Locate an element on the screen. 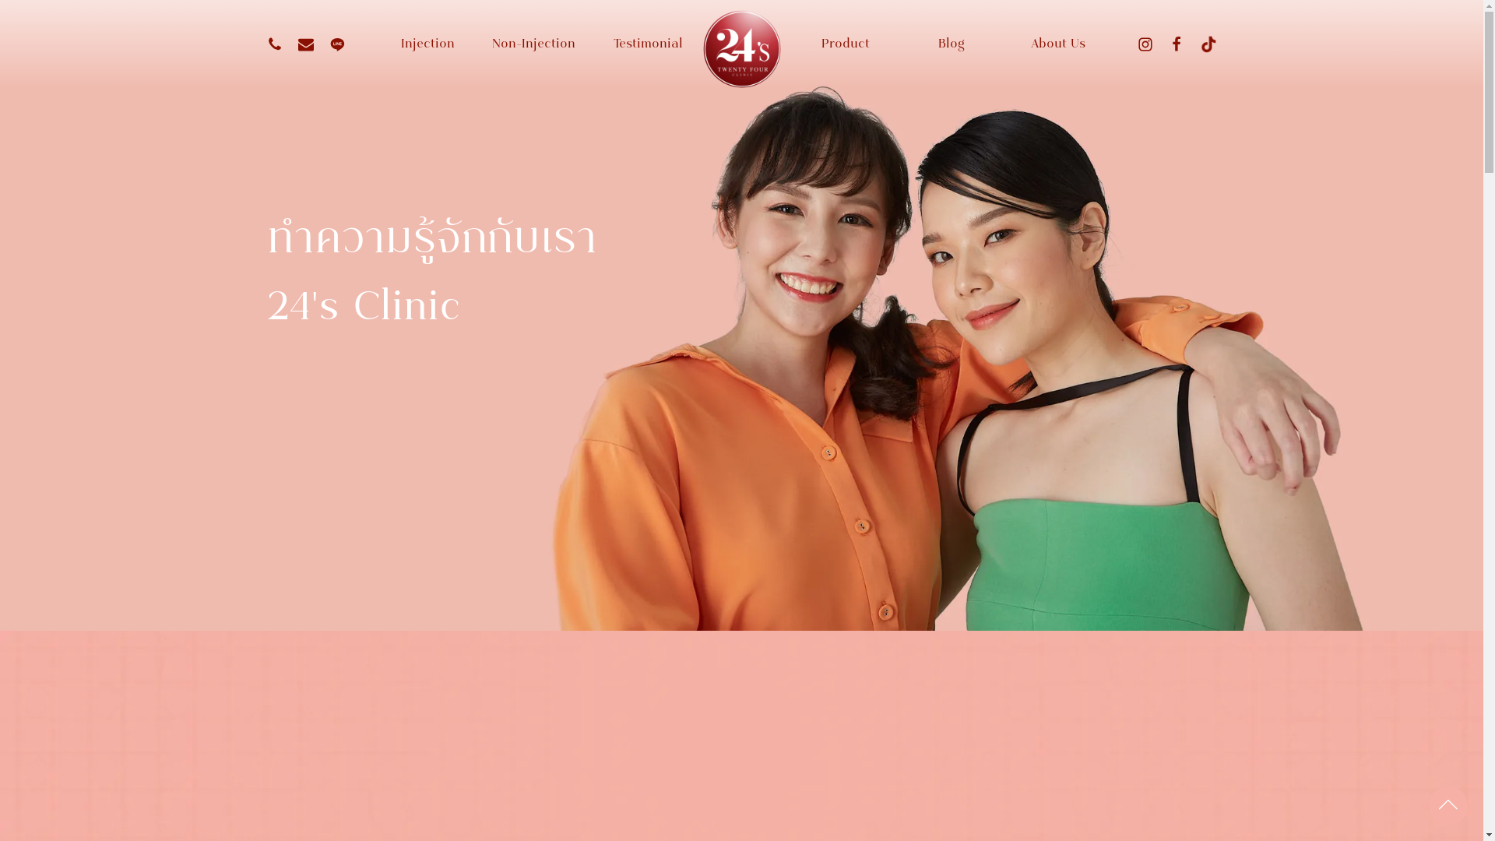  'Non-Injection' is located at coordinates (533, 44).